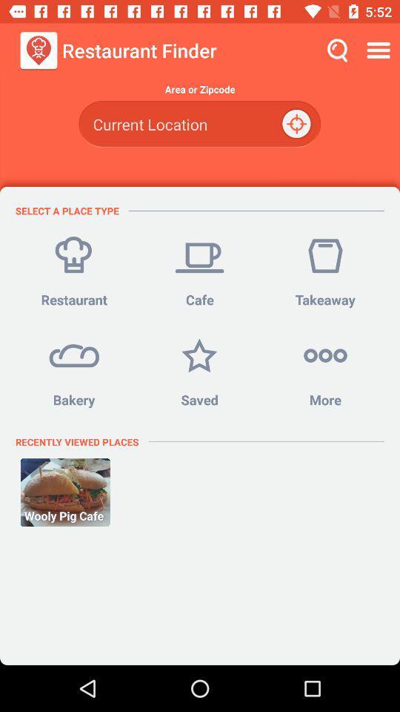  Describe the element at coordinates (199, 123) in the screenshot. I see `icon above select a place` at that location.